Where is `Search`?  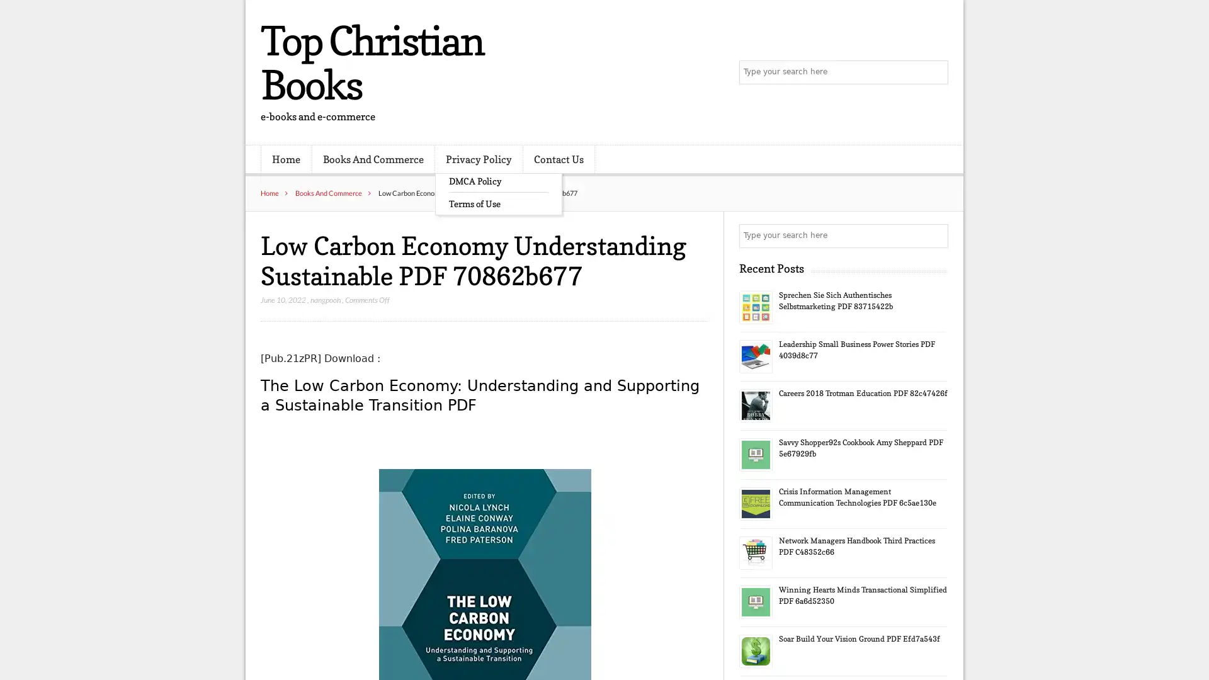 Search is located at coordinates (935, 235).